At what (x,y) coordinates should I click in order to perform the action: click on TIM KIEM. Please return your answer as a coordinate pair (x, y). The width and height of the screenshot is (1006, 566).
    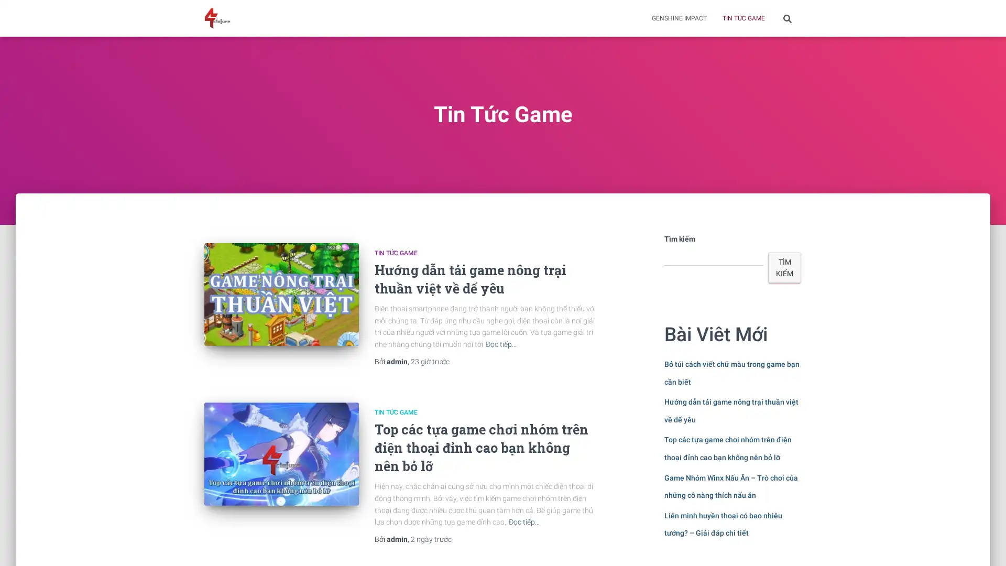
    Looking at the image, I should click on (784, 267).